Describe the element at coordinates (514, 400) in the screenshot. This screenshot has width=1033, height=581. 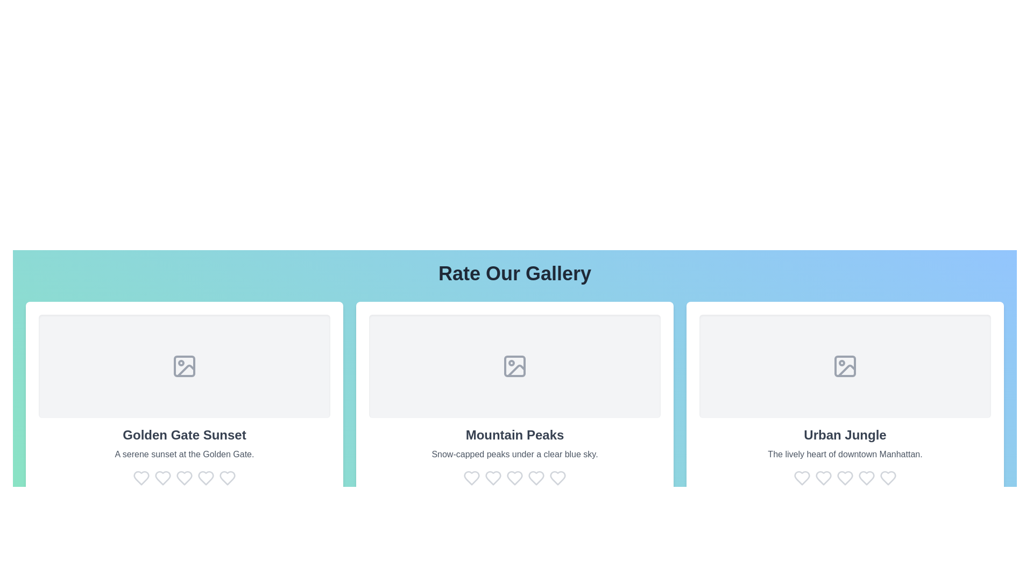
I see `the gallery item Mountain Peaks` at that location.